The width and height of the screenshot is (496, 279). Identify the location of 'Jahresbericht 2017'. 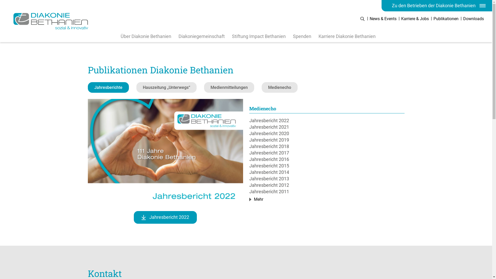
(326, 152).